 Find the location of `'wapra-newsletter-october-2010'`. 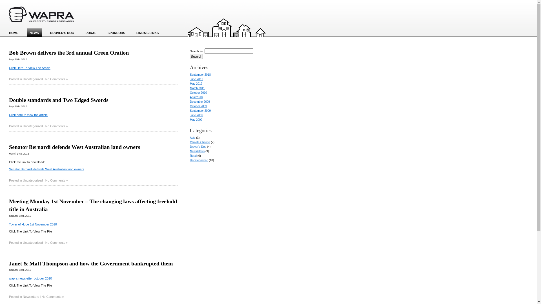

'wapra-newsletter-october-2010' is located at coordinates (30, 278).